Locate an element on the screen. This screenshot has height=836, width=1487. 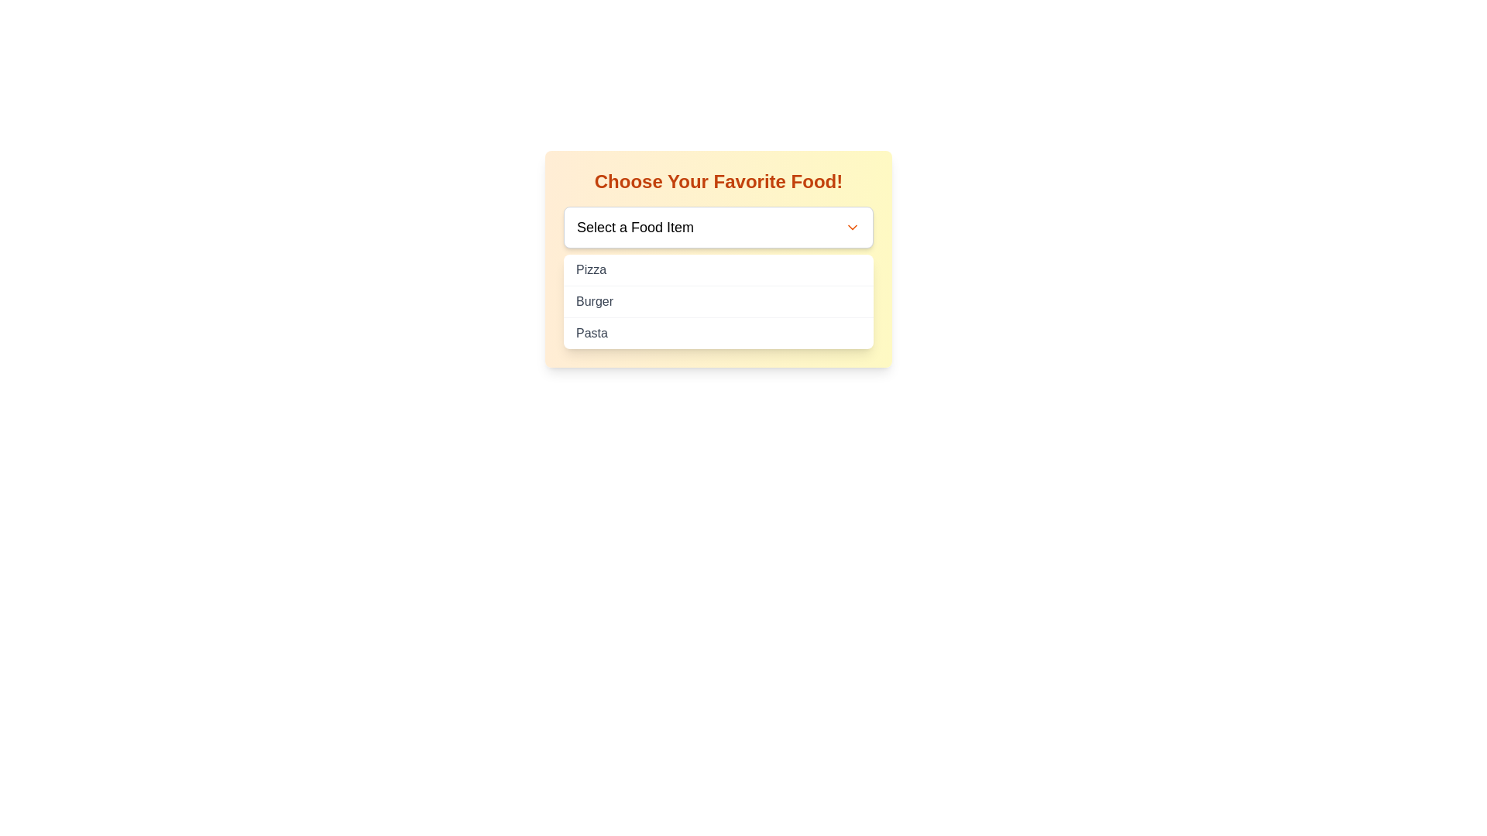
the Dropdown toggle icon located to the far right of the input box next to 'Select a Food Item' is located at coordinates (851, 227).